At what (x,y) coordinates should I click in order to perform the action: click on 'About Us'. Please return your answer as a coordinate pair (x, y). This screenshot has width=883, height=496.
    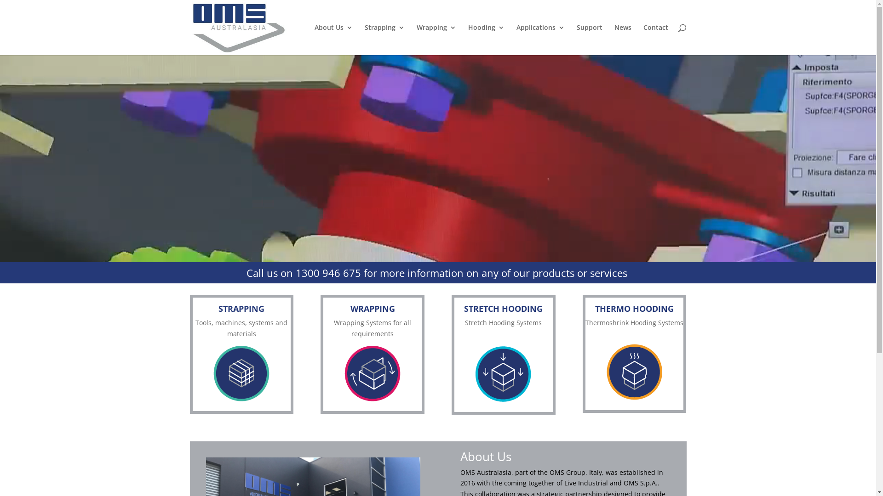
    Looking at the image, I should click on (315, 39).